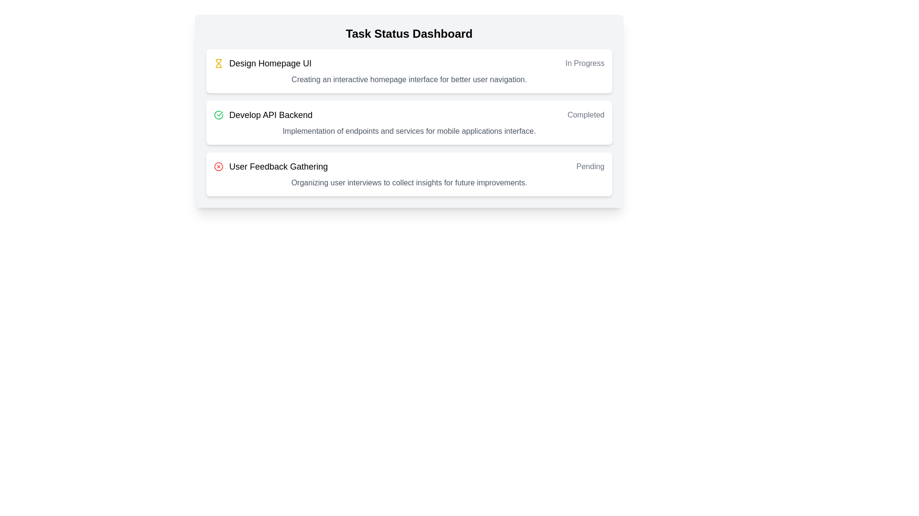 This screenshot has height=516, width=919. What do you see at coordinates (263, 114) in the screenshot?
I see `the text label 'Develop API Backend', which is styled with a medium font weight and a large font size` at bounding box center [263, 114].